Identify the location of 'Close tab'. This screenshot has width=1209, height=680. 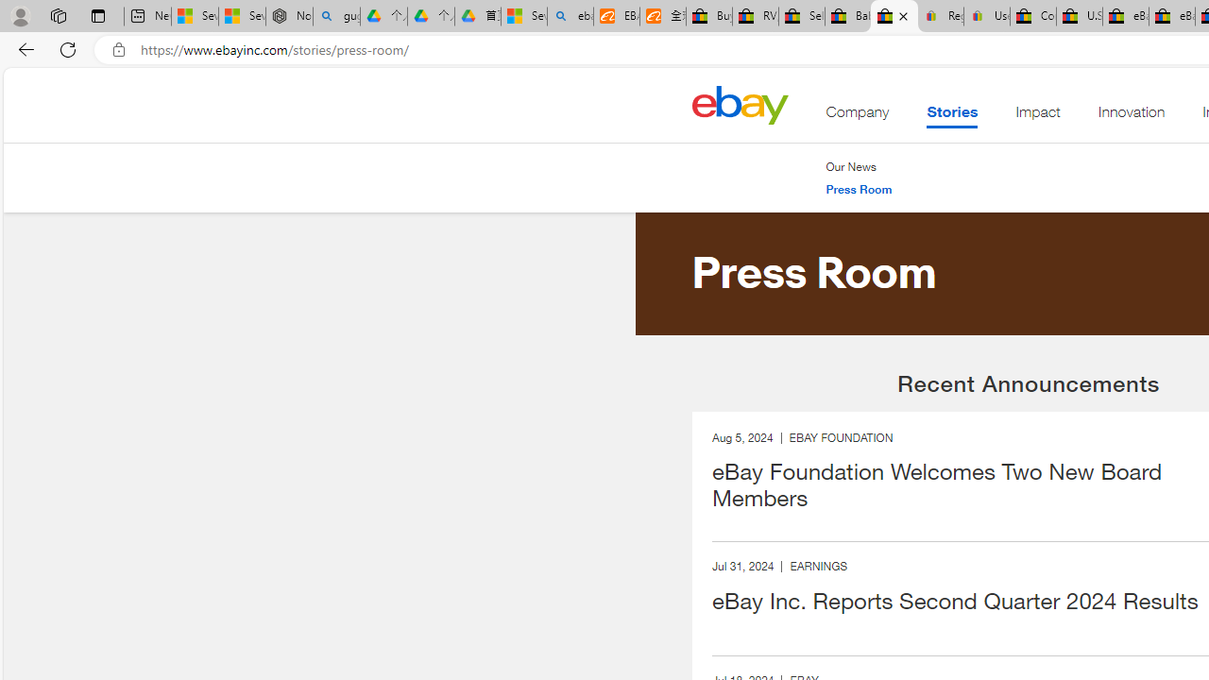
(902, 16).